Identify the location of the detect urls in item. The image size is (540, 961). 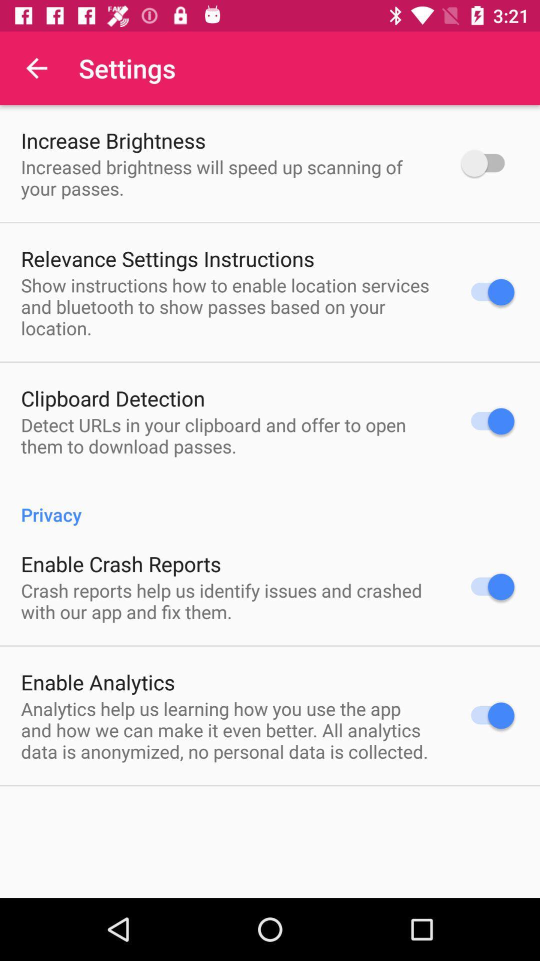
(228, 435).